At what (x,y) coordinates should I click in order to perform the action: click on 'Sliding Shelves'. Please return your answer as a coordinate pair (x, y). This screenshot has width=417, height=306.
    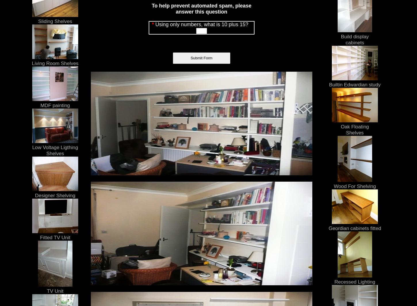
    Looking at the image, I should click on (54, 21).